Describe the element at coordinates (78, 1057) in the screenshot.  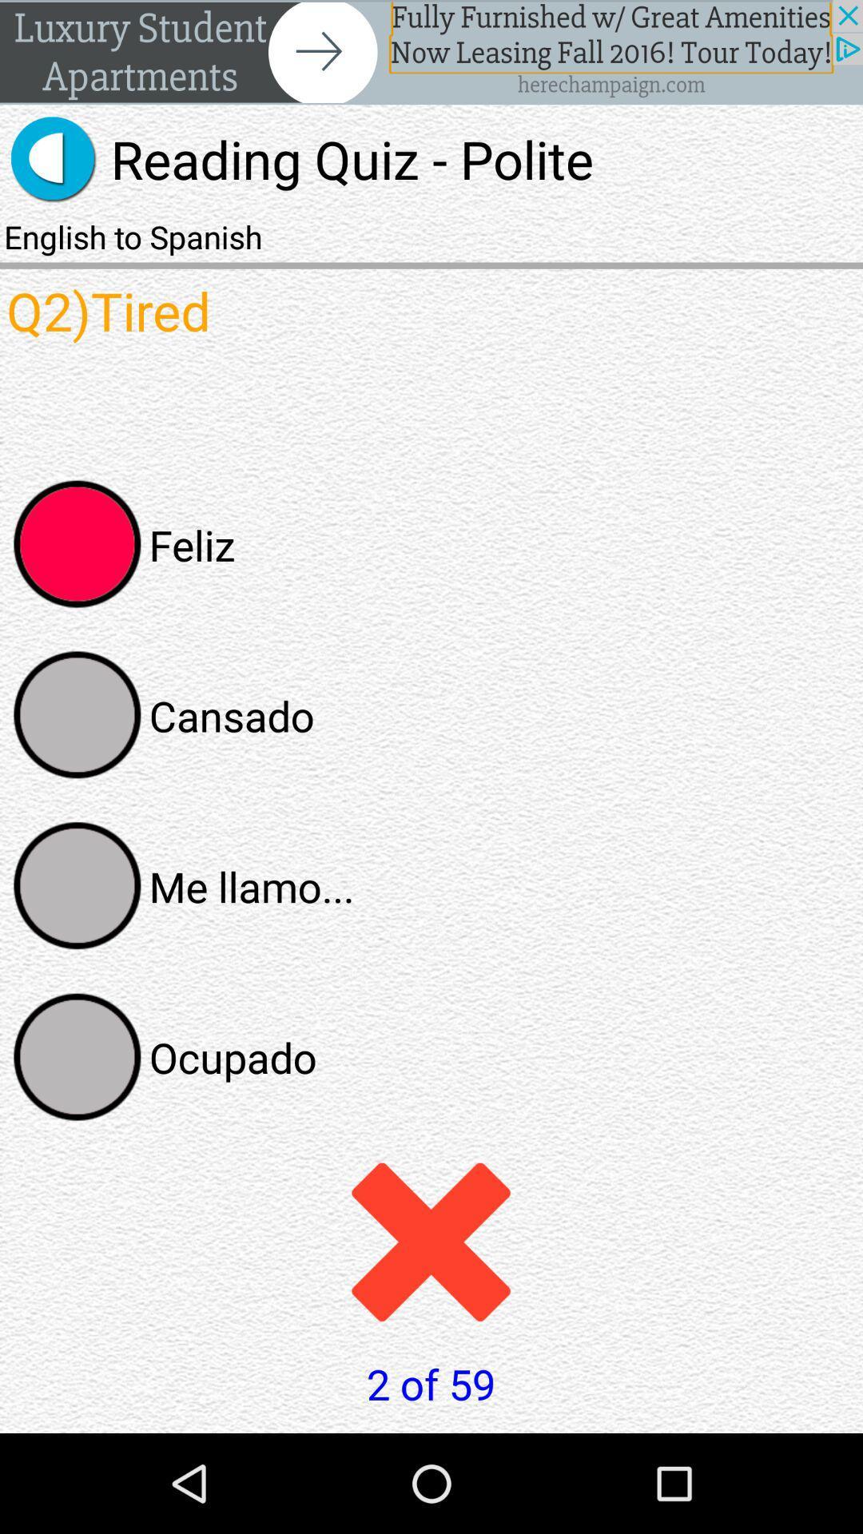
I see `the word` at that location.